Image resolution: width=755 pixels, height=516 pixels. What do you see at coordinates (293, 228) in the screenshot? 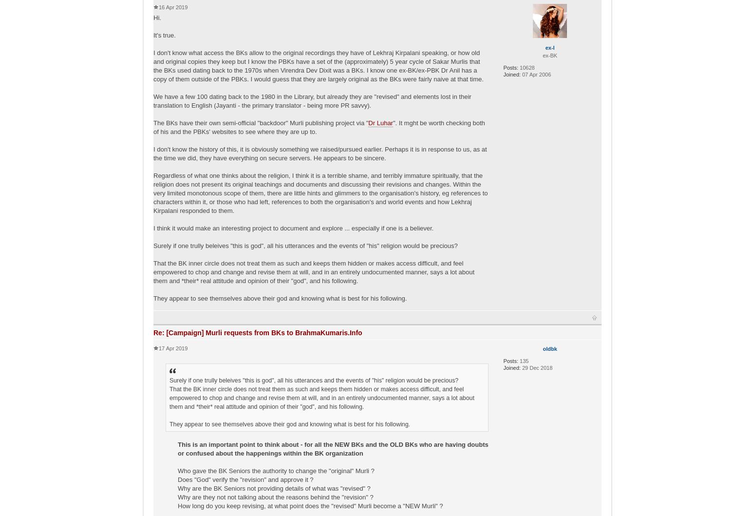
I see `'I think it would make an interesting project to document and explore ... especially if one is a believer.'` at bounding box center [293, 228].